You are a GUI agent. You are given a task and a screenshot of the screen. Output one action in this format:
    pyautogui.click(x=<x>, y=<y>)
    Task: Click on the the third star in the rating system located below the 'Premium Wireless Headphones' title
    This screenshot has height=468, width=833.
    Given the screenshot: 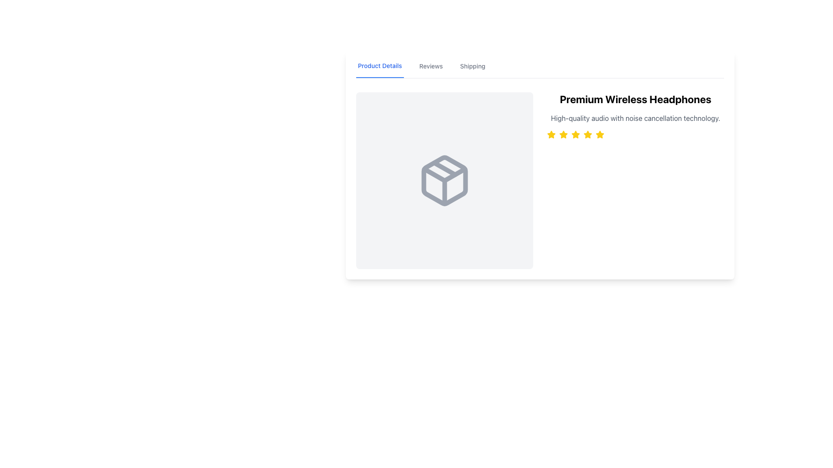 What is the action you would take?
    pyautogui.click(x=575, y=134)
    